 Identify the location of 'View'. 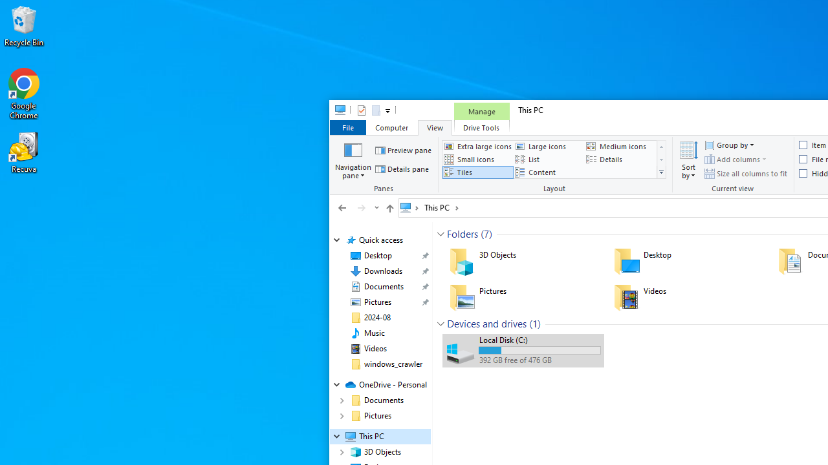
(435, 127).